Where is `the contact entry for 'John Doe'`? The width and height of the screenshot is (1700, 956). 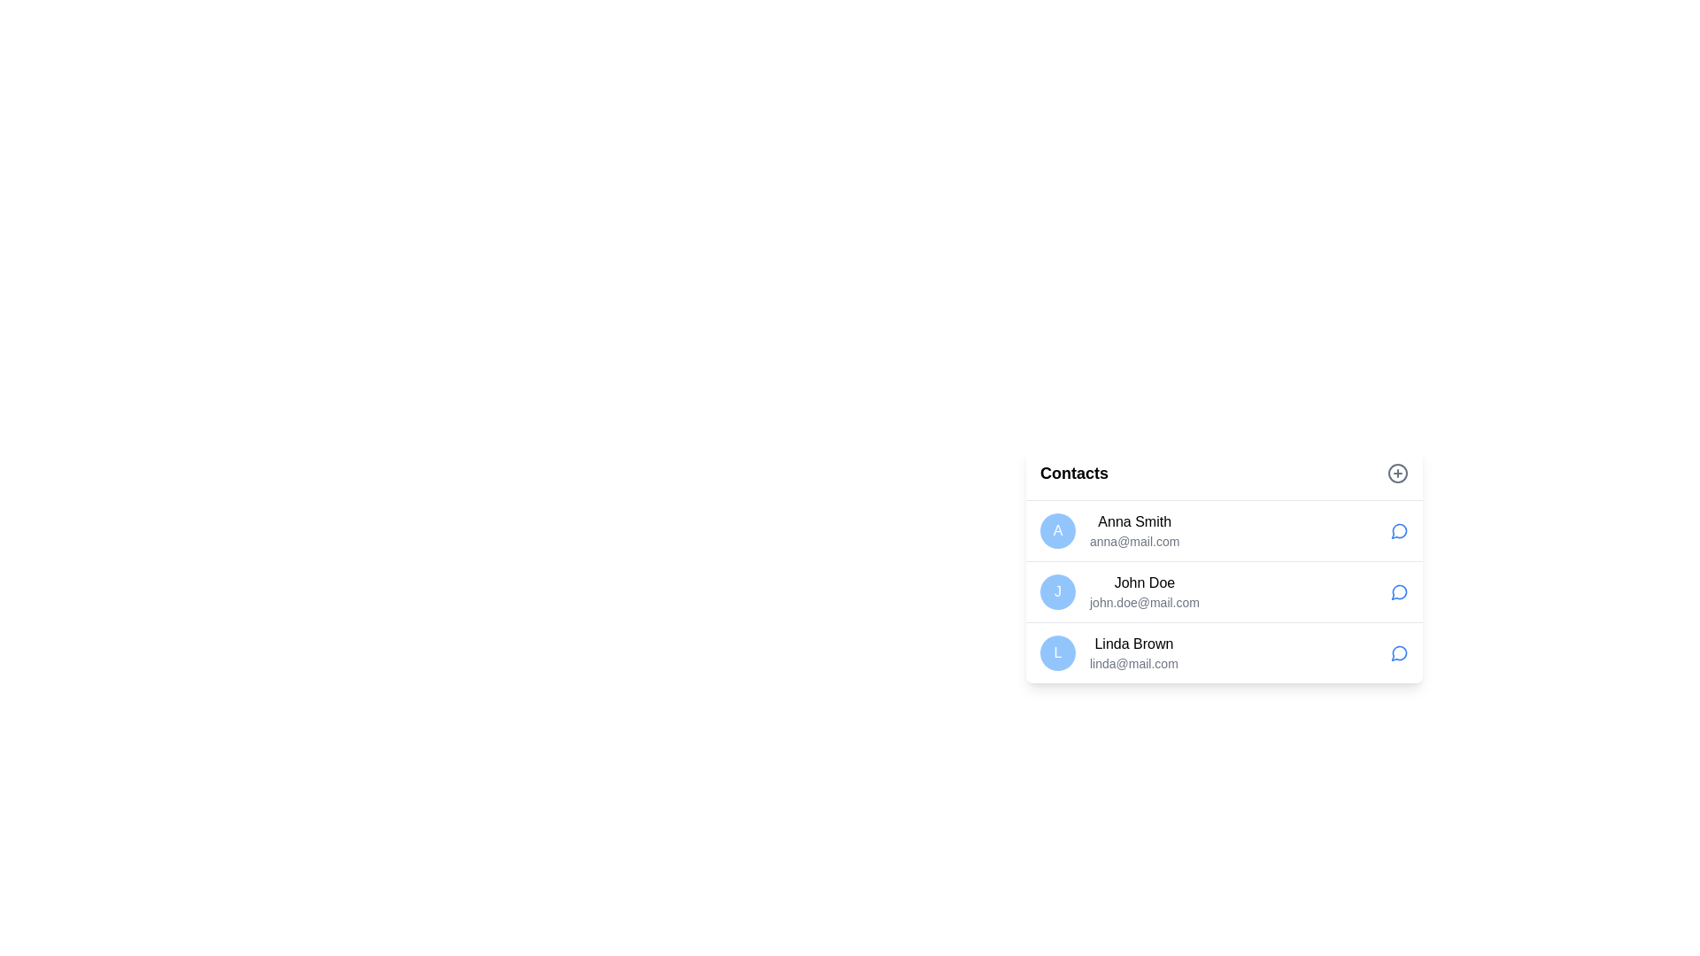
the contact entry for 'John Doe' is located at coordinates (1223, 575).